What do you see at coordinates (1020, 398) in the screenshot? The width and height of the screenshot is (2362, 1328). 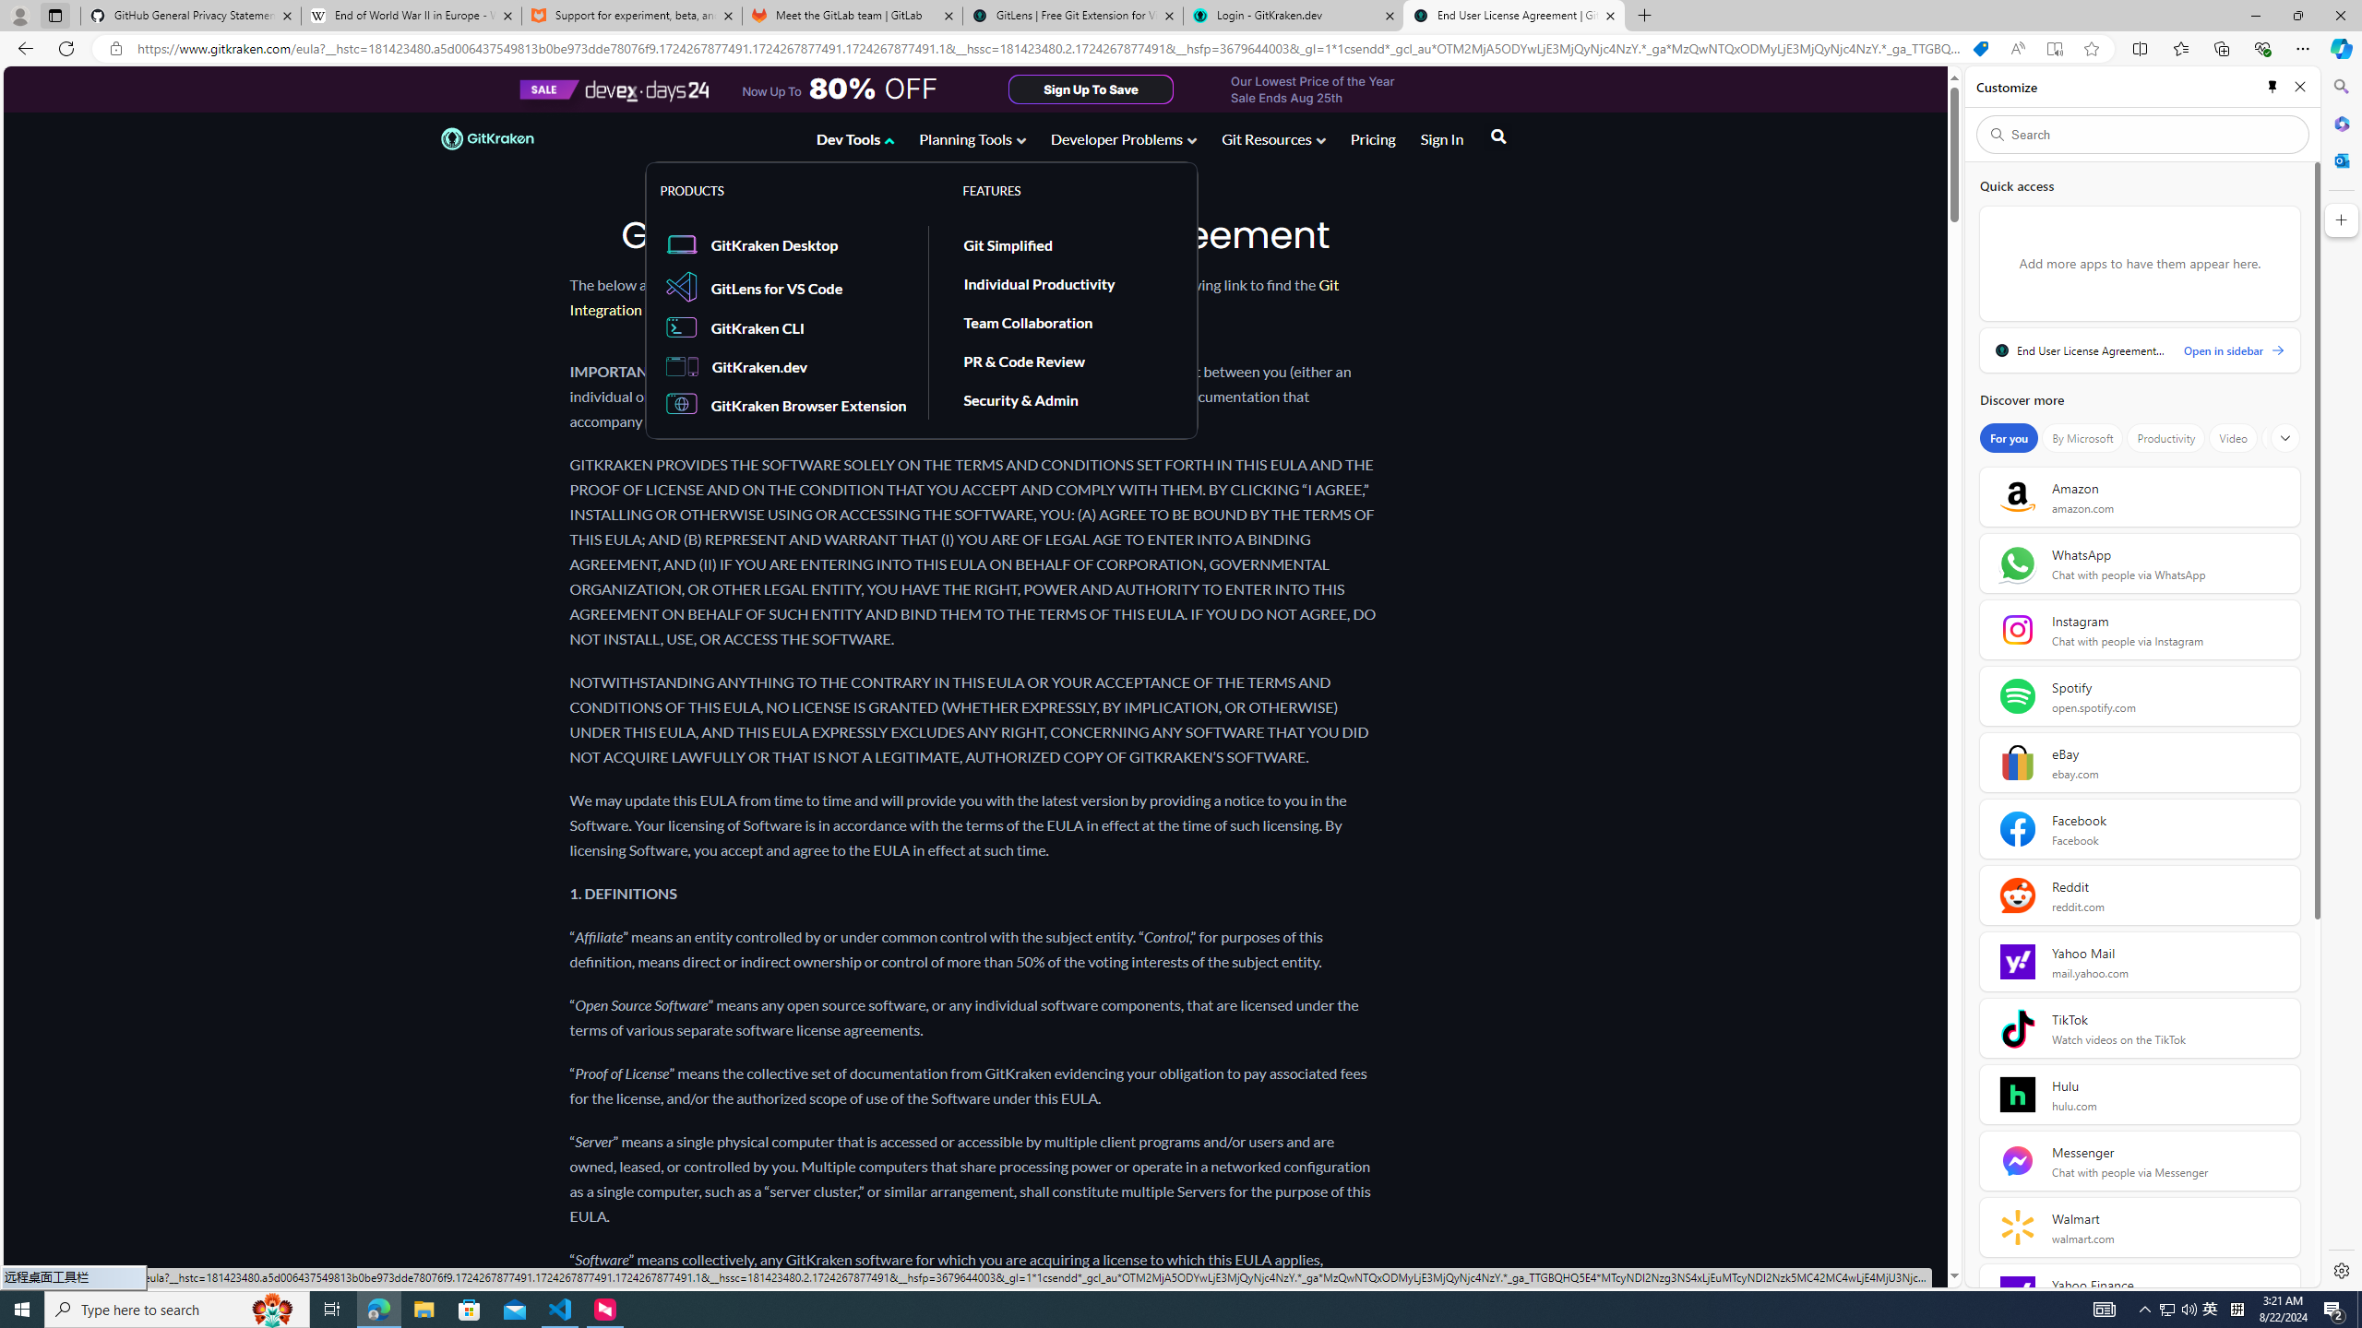 I see `'Security & Admin'` at bounding box center [1020, 398].